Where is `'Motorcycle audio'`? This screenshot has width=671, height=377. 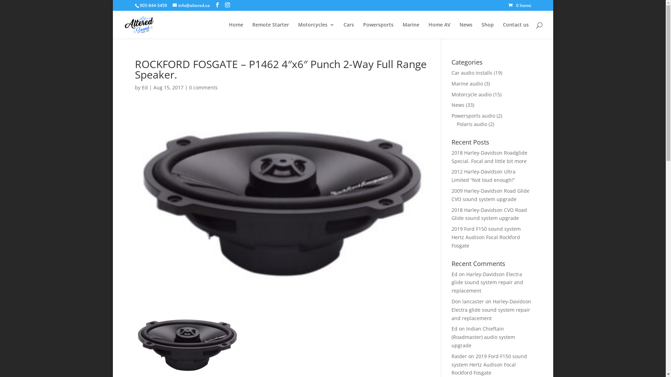
'Motorcycle audio' is located at coordinates (471, 94).